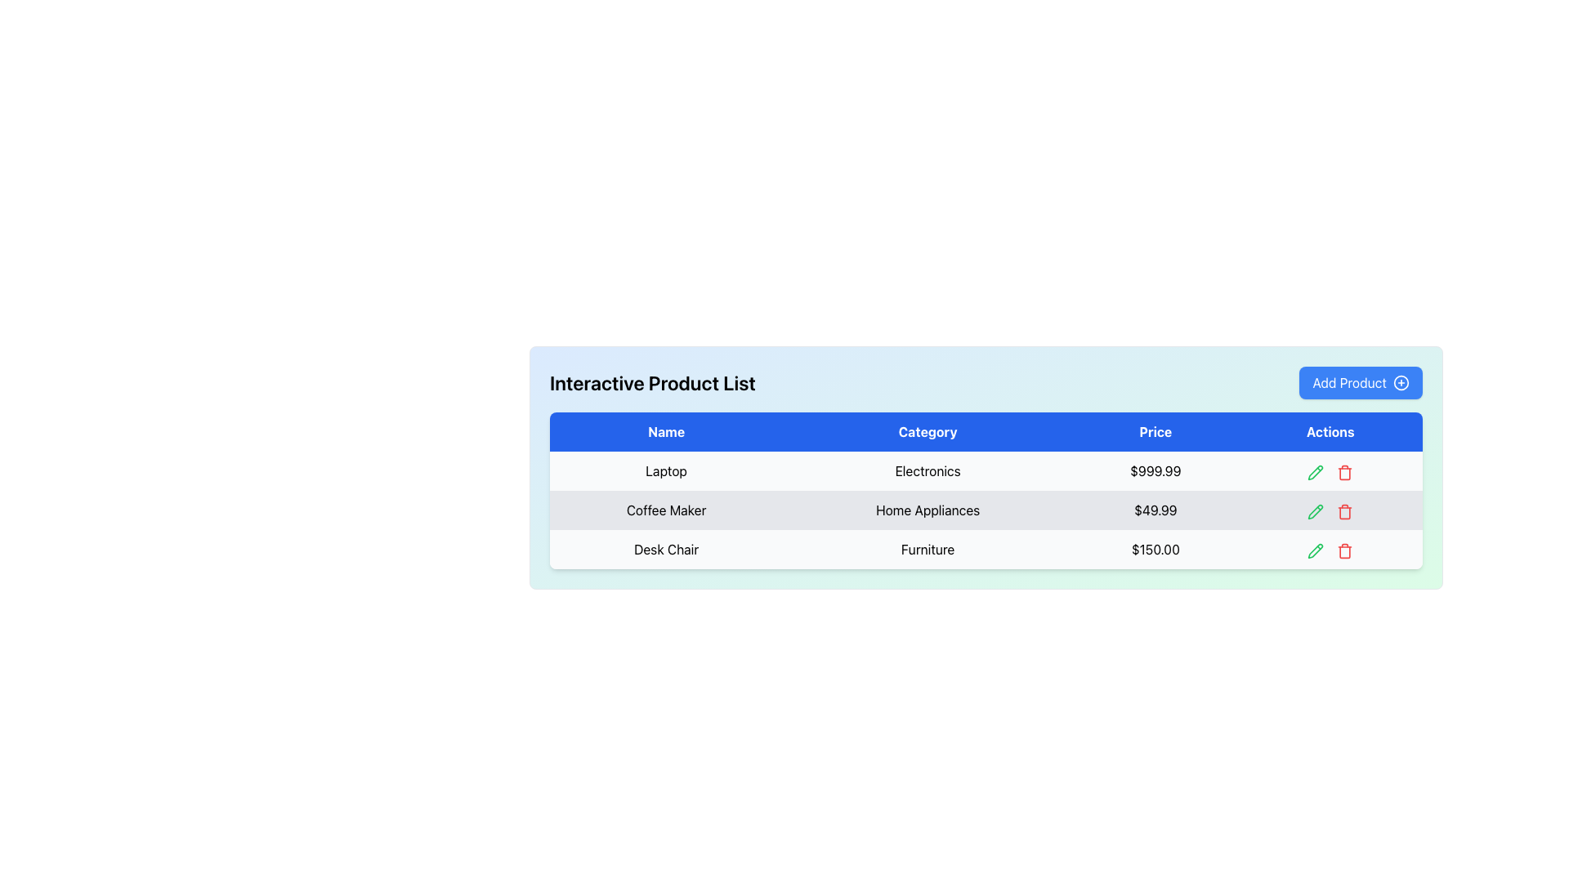 The height and width of the screenshot is (882, 1569). Describe the element at coordinates (1345, 550) in the screenshot. I see `the deletion icon button located` at that location.